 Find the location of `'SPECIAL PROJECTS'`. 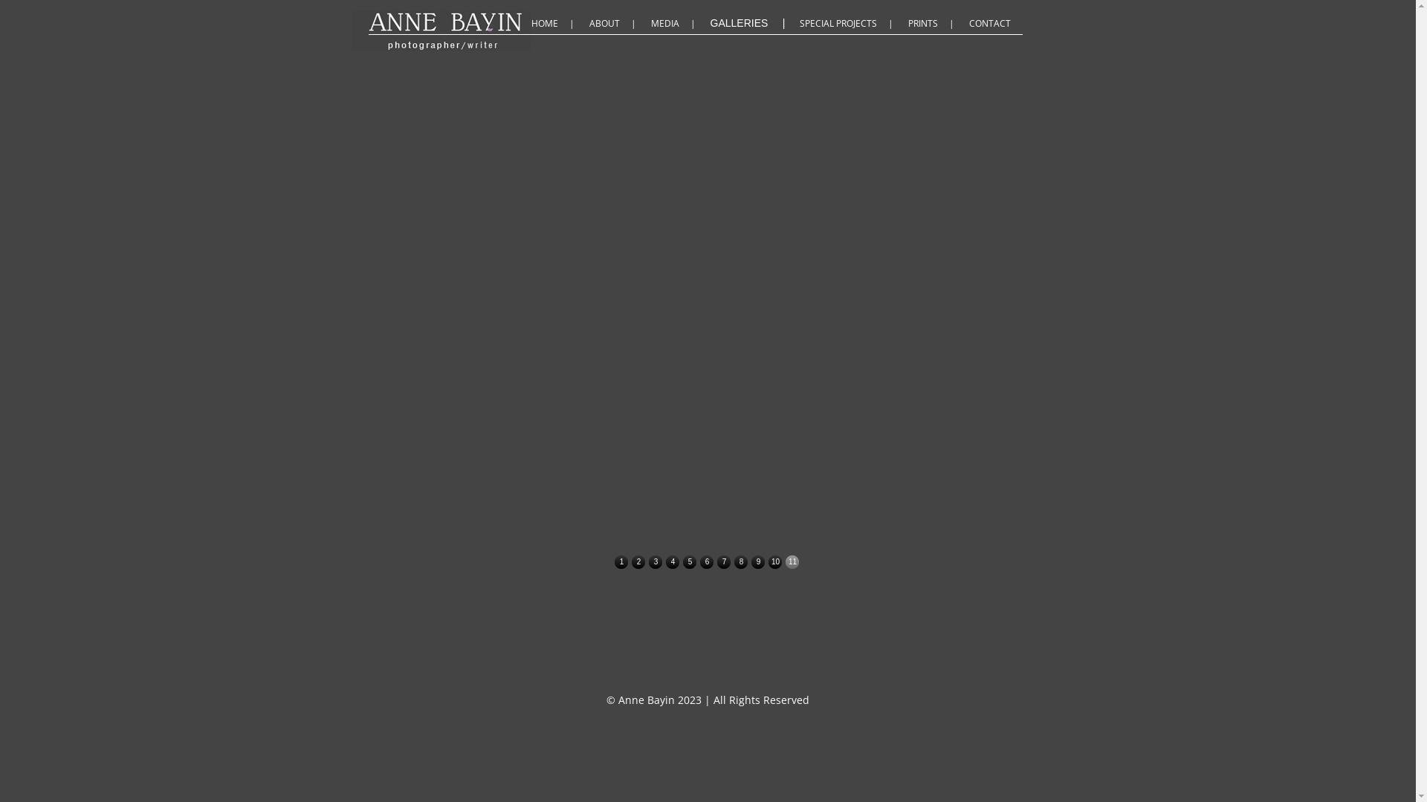

'SPECIAL PROJECTS' is located at coordinates (849, 23).